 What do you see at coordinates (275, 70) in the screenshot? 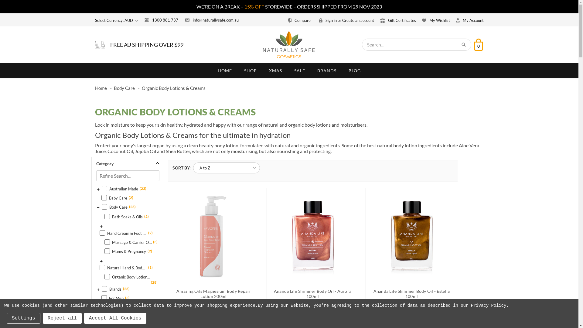
I see `'XMAS'` at bounding box center [275, 70].